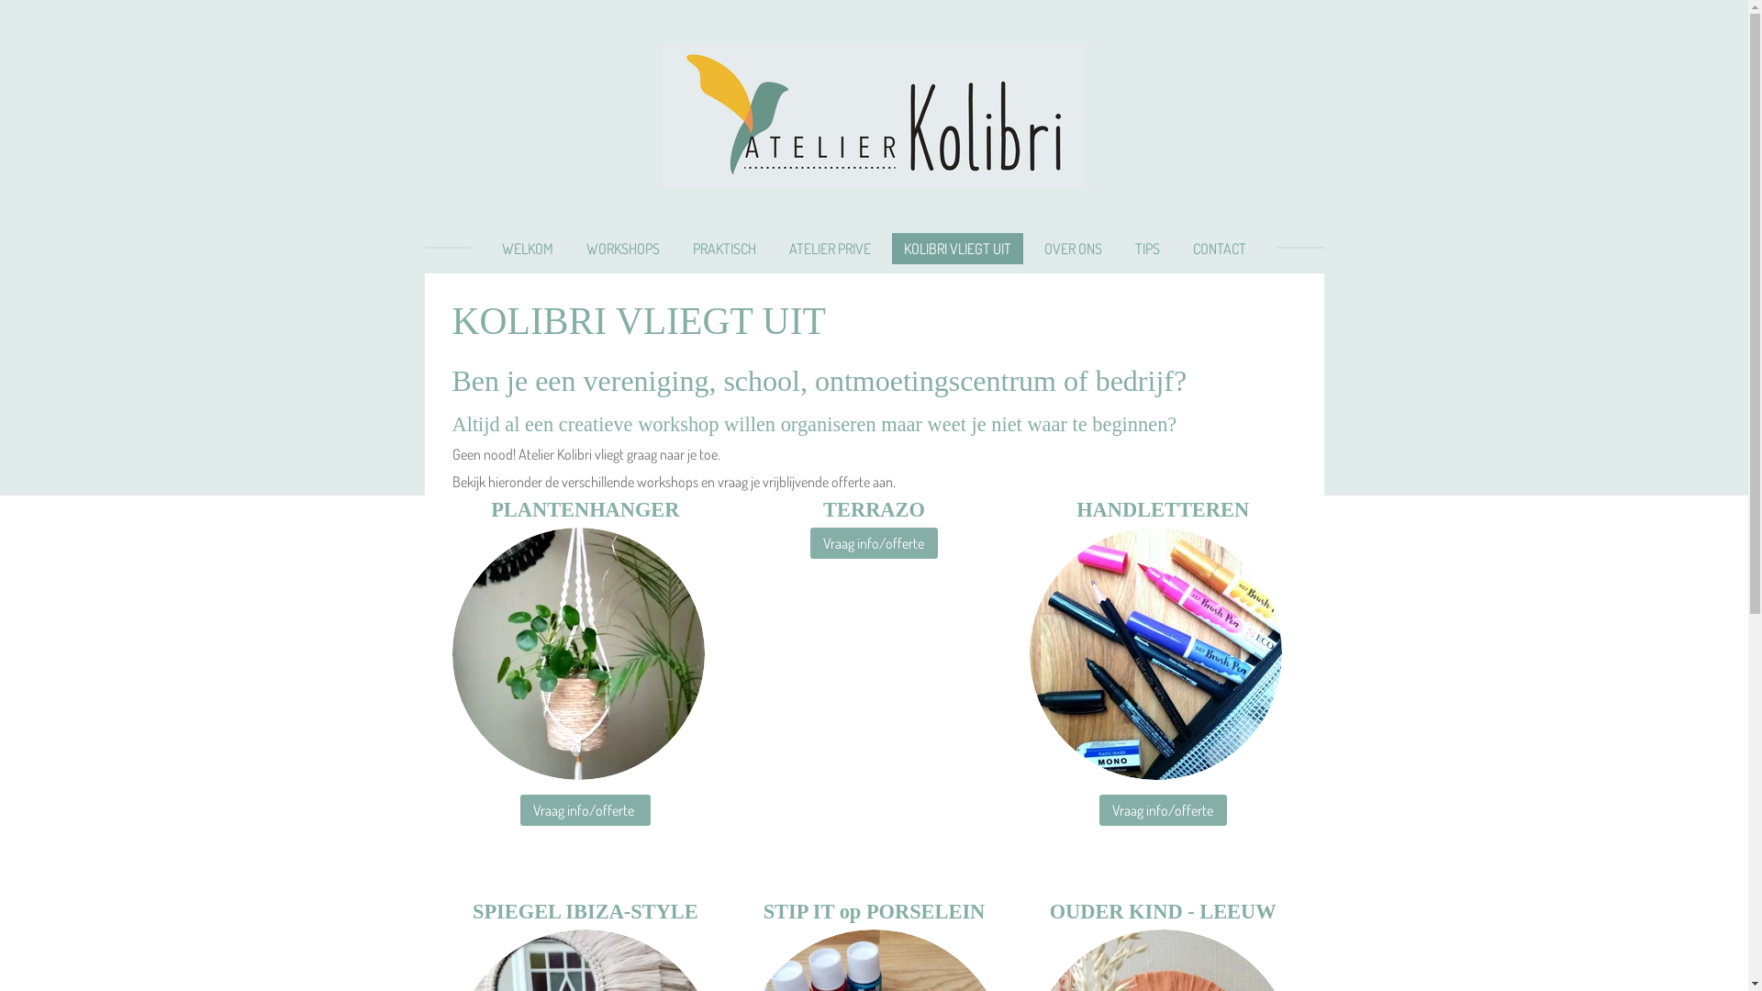 This screenshot has height=991, width=1762. Describe the element at coordinates (622, 248) in the screenshot. I see `'WORKSHOPS'` at that location.